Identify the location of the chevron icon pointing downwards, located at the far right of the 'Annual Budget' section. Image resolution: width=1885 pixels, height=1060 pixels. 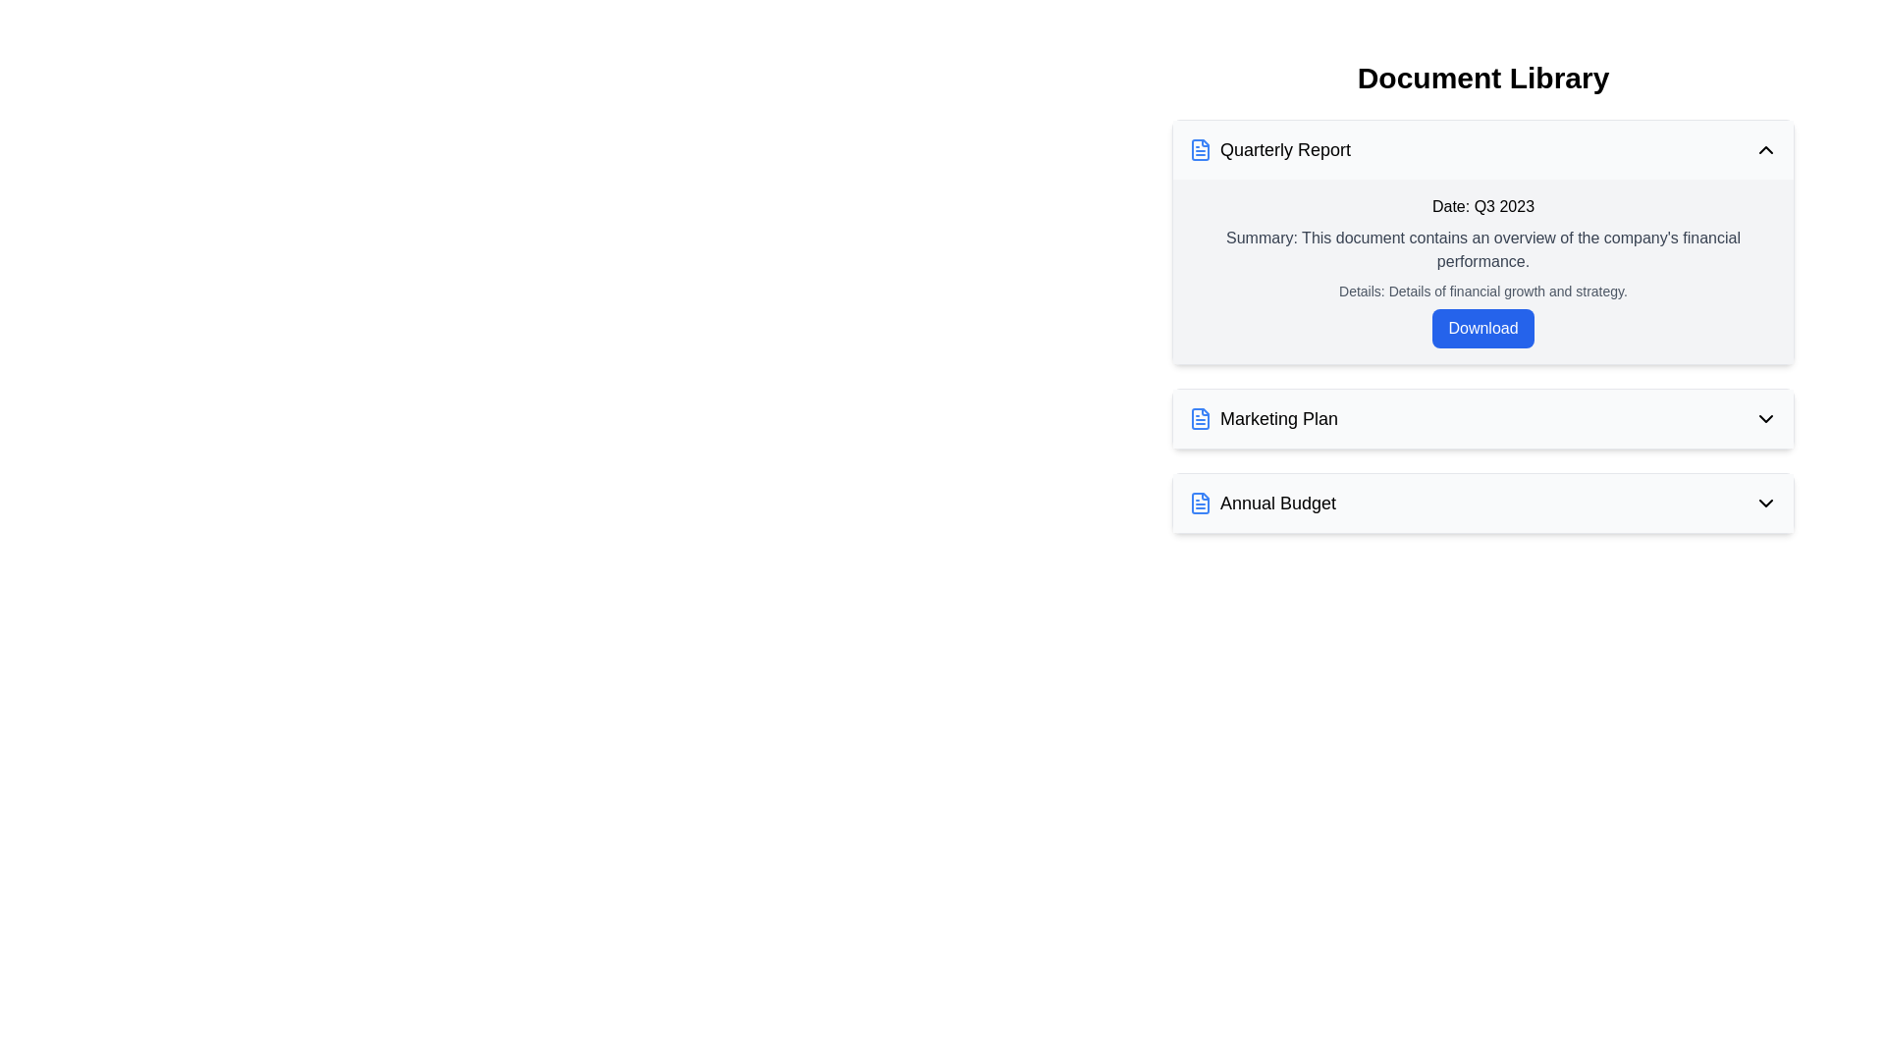
(1766, 503).